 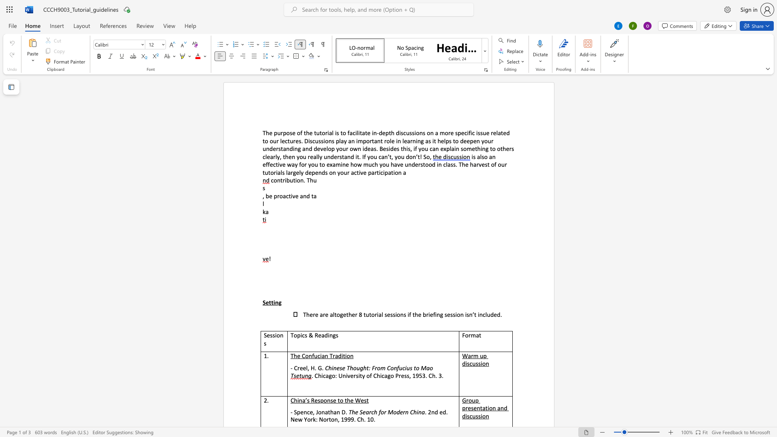 What do you see at coordinates (367, 164) in the screenshot?
I see `the space between the continuous character "m" and "u" in the text` at bounding box center [367, 164].